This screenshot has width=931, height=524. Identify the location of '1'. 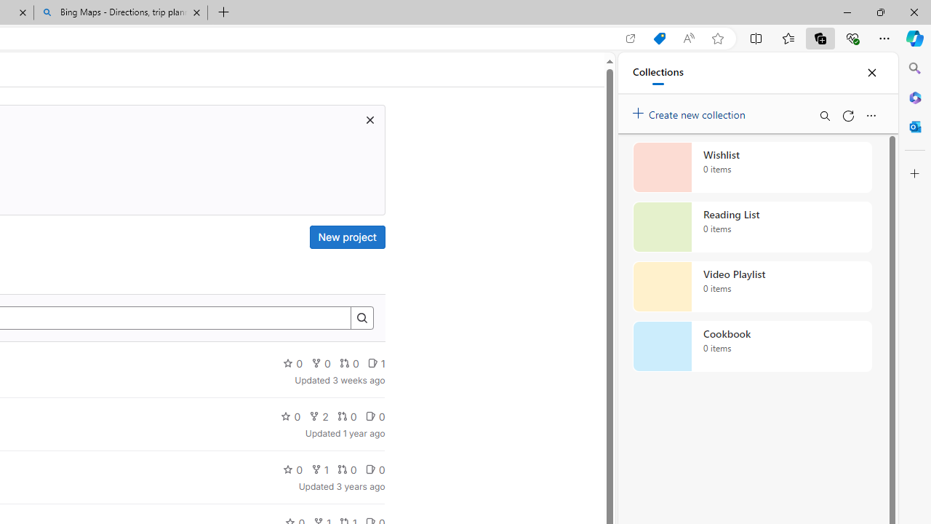
(319, 469).